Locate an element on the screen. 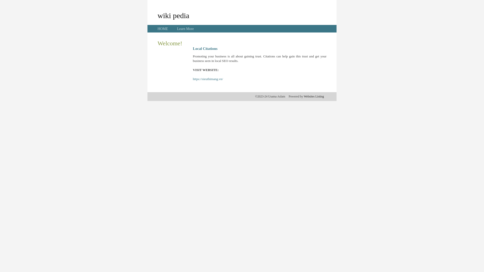  'Websites Listing' is located at coordinates (303, 96).